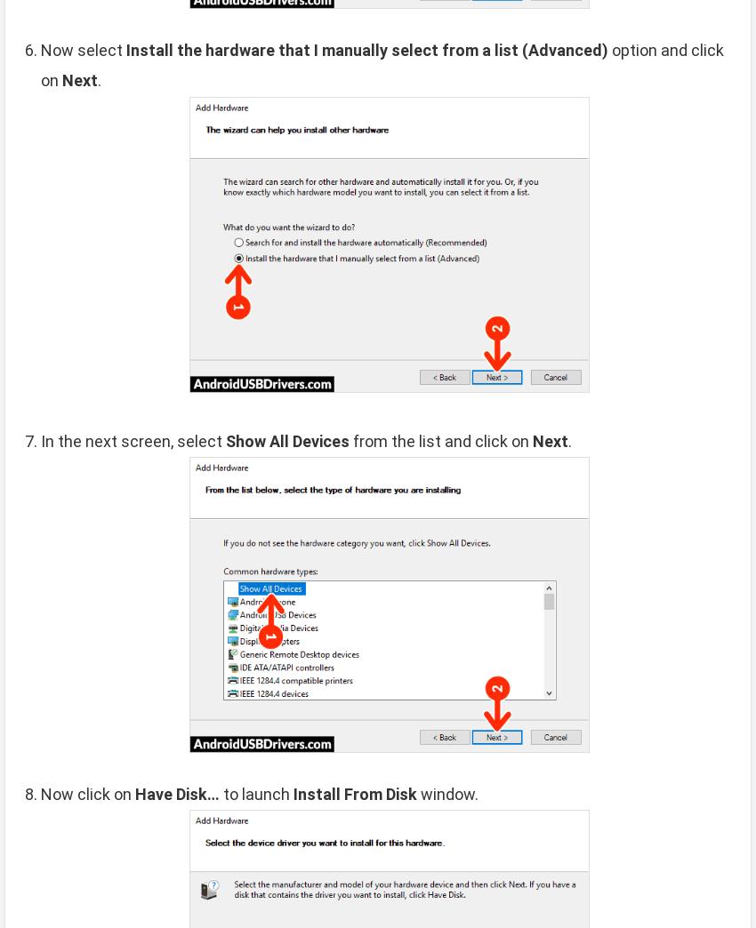 The height and width of the screenshot is (928, 756). Describe the element at coordinates (133, 440) in the screenshot. I see `'In the next screen, select'` at that location.